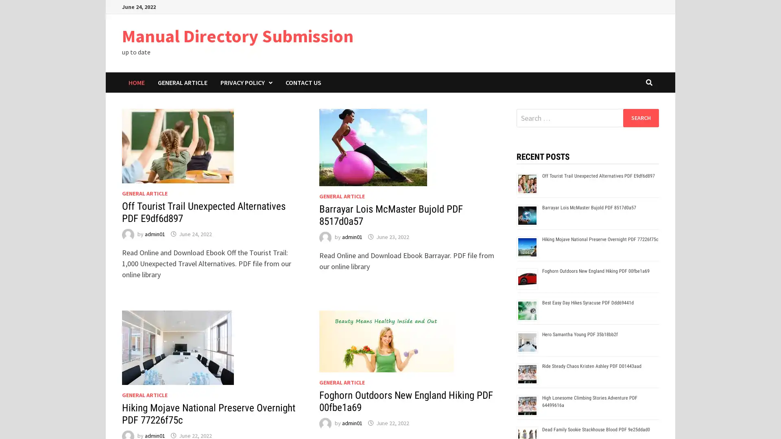 The image size is (781, 439). I want to click on Search, so click(640, 117).